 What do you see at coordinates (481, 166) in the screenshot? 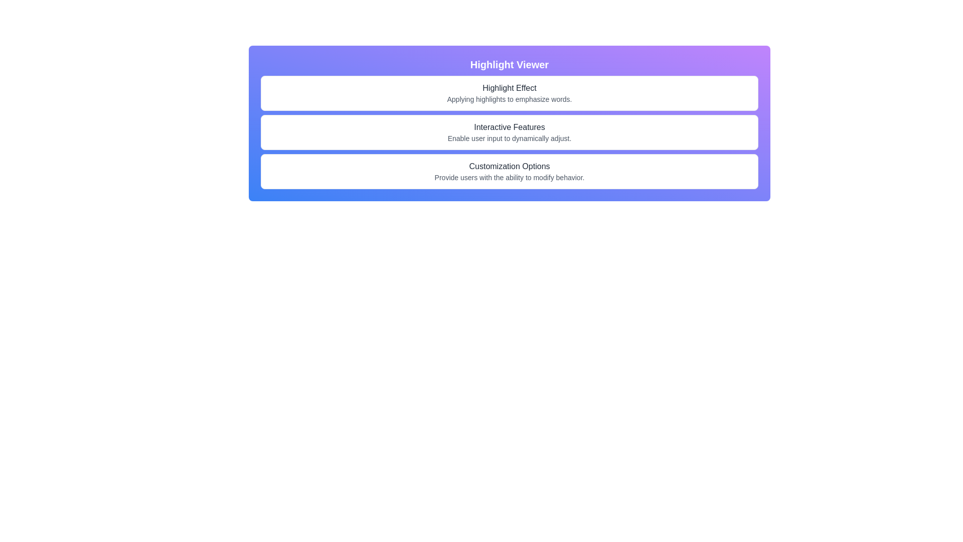
I see `the third letter 'm' in the word 'Customization'` at bounding box center [481, 166].